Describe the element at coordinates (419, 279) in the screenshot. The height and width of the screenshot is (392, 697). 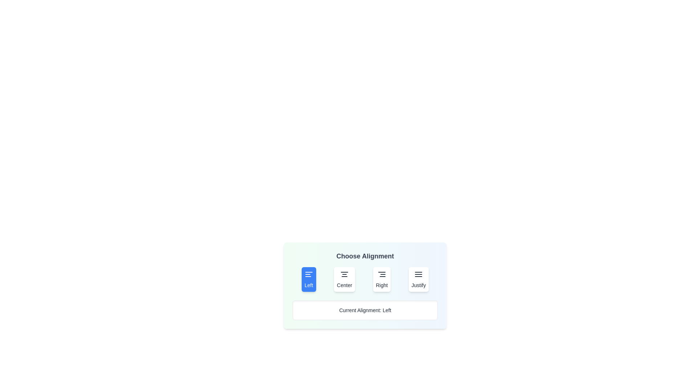
I see `the button labeled Justify to observe its hover effect` at that location.